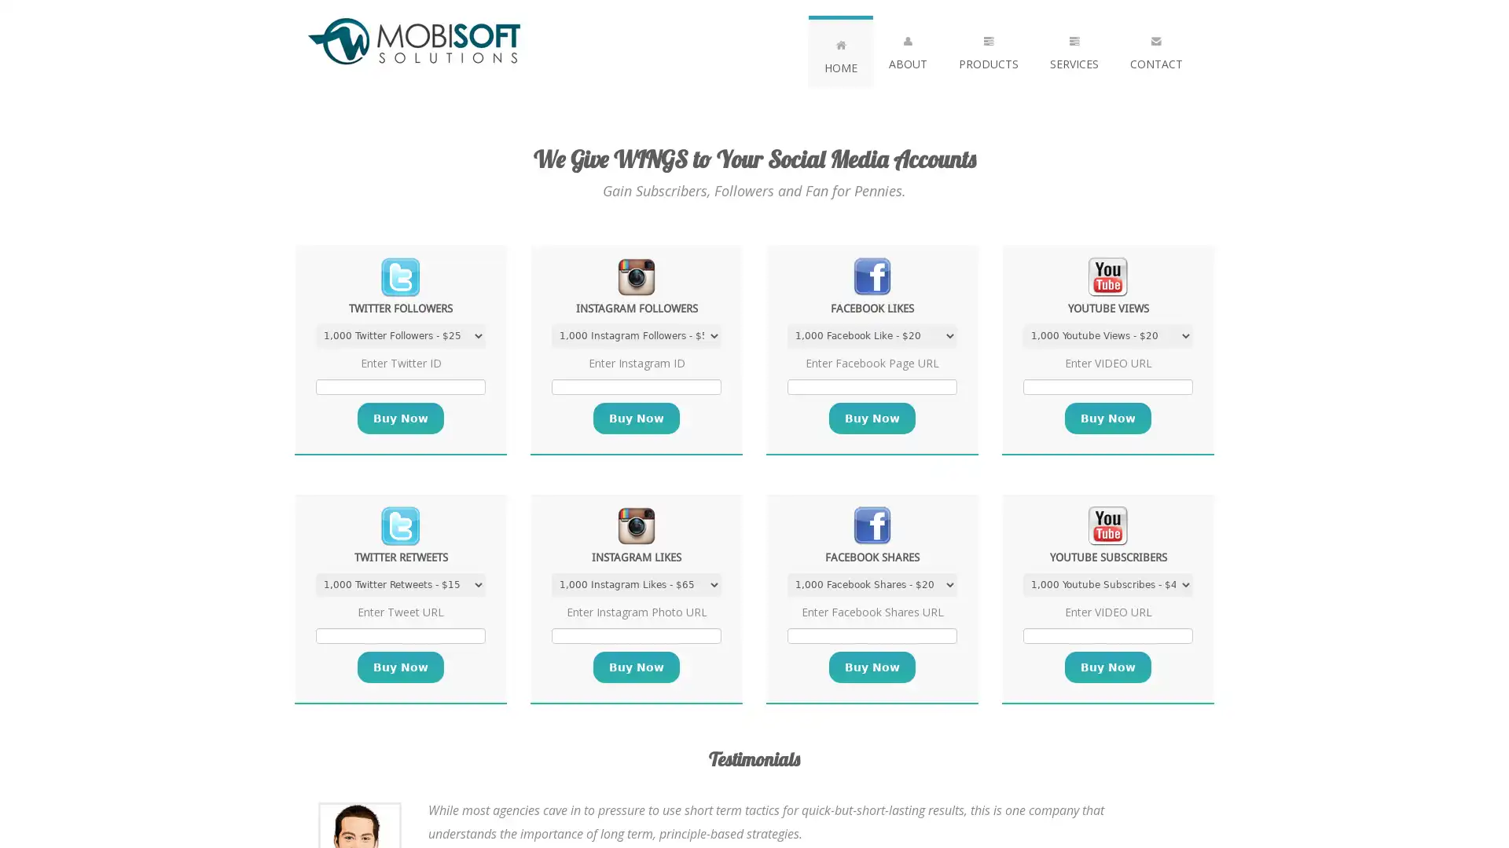 The height and width of the screenshot is (848, 1509). What do you see at coordinates (637, 667) in the screenshot?
I see `Buy Now` at bounding box center [637, 667].